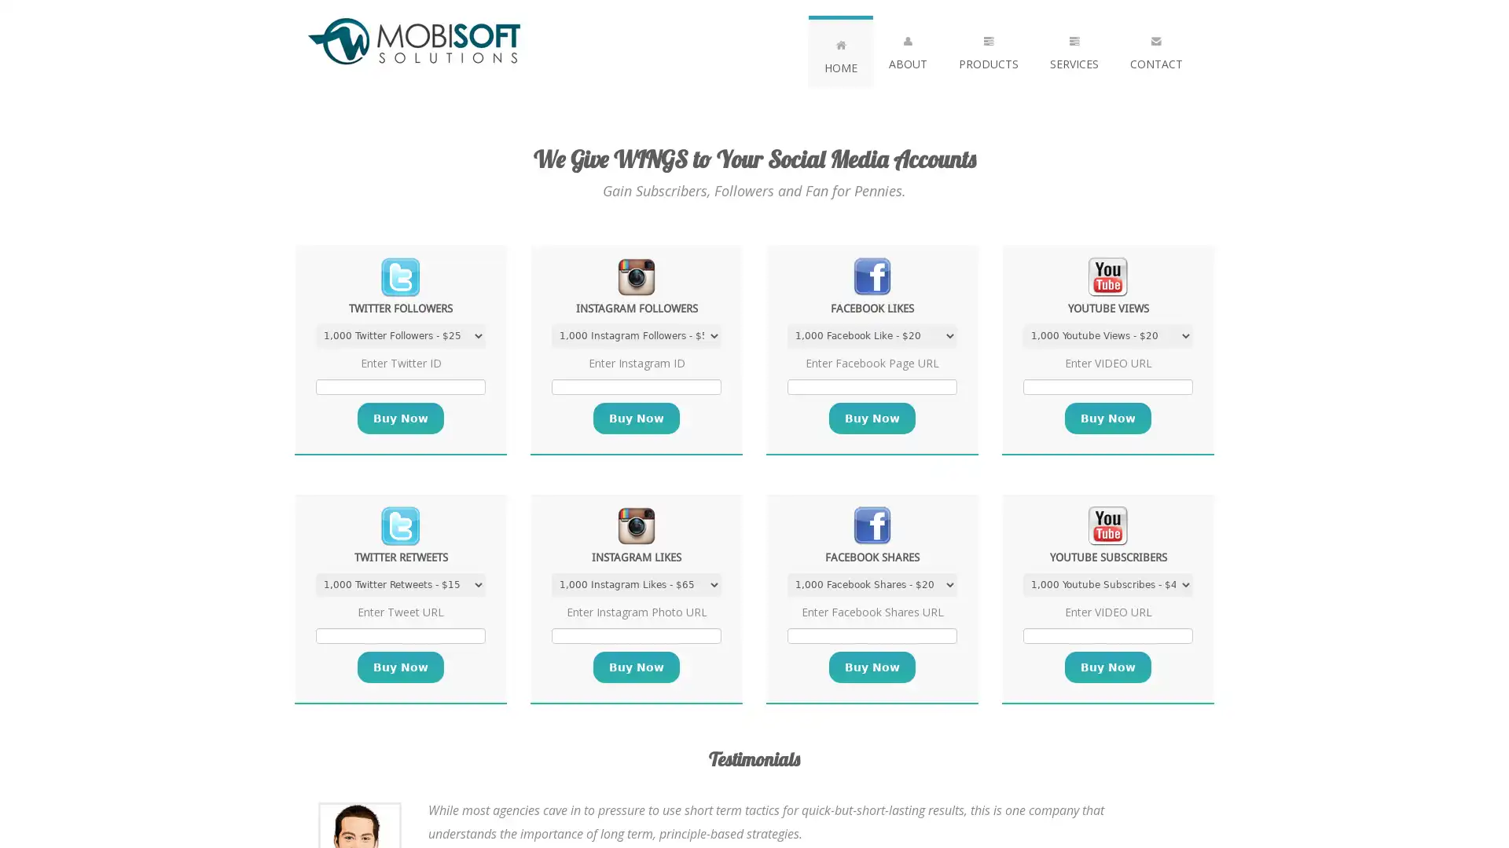 The height and width of the screenshot is (848, 1509). What do you see at coordinates (637, 667) in the screenshot?
I see `Buy Now` at bounding box center [637, 667].